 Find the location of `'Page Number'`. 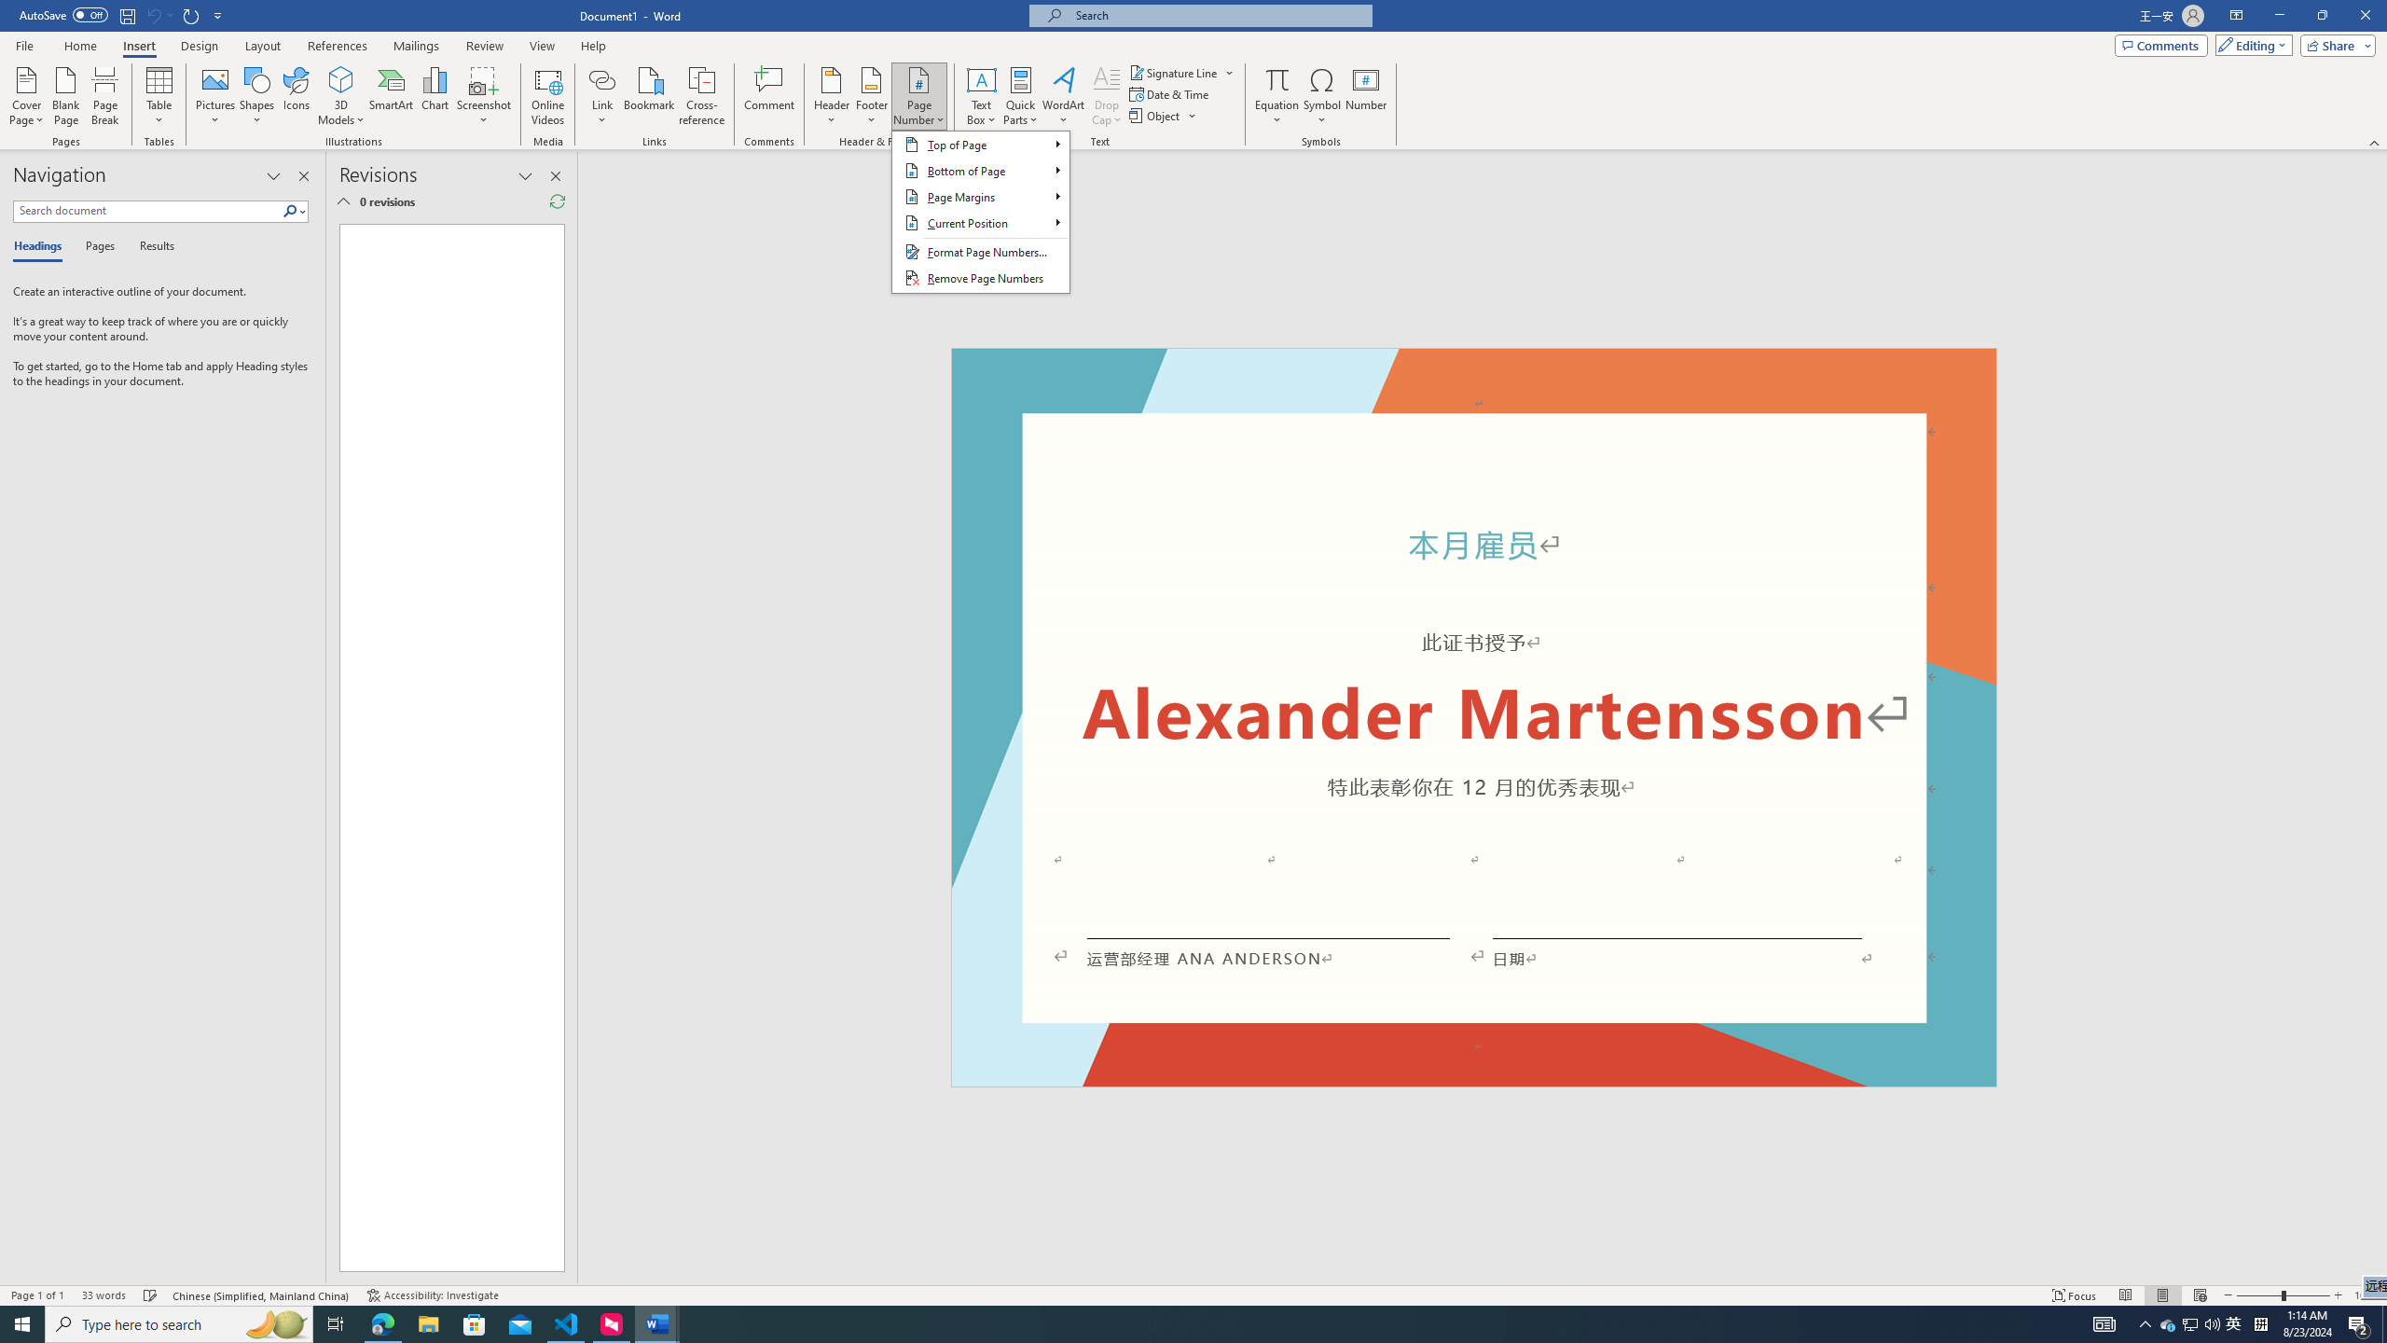

'Page Number' is located at coordinates (918, 96).